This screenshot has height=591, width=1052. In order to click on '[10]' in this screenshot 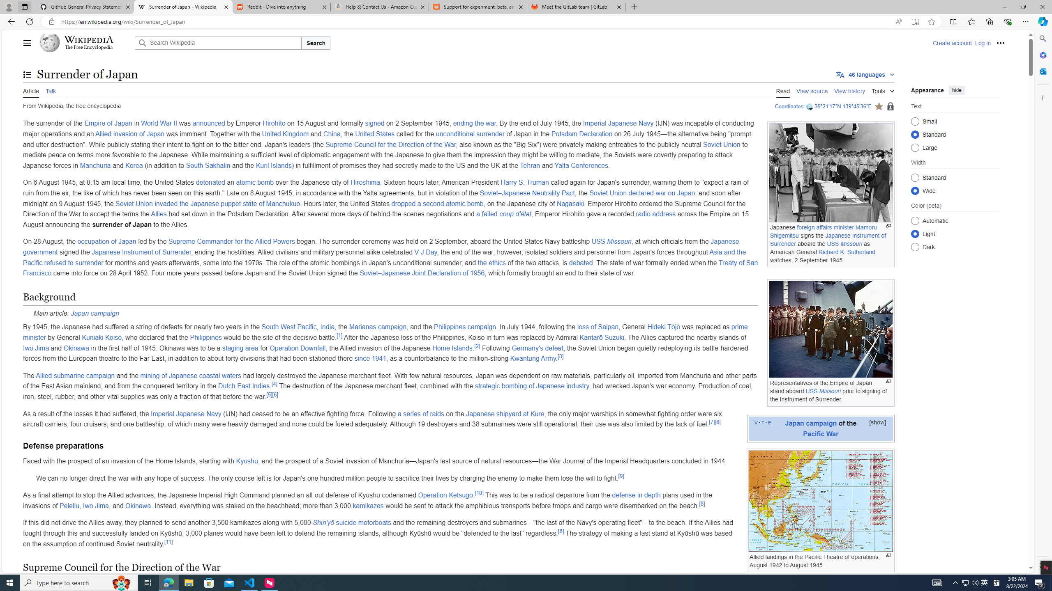, I will do `click(479, 492)`.